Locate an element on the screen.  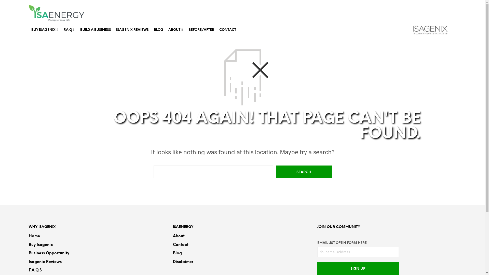
'BLOG' is located at coordinates (158, 30).